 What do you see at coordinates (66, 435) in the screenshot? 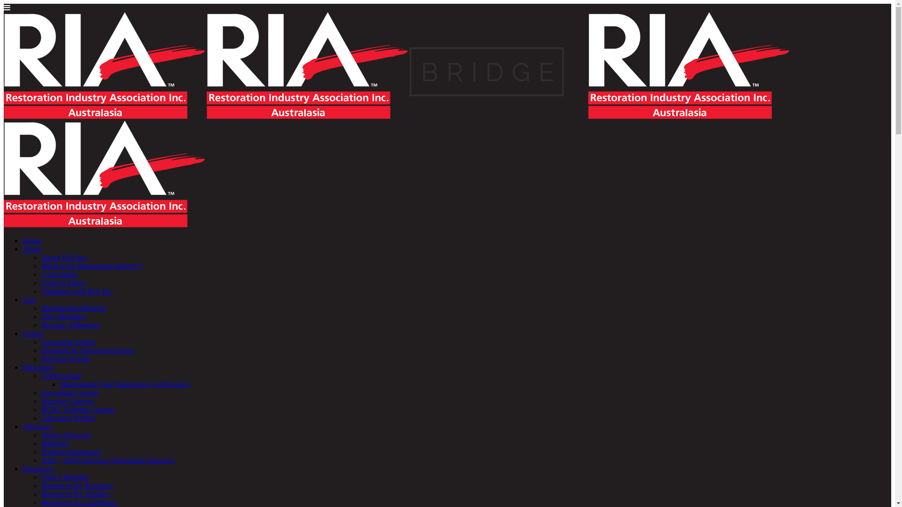
I see `'About Advocacy'` at bounding box center [66, 435].